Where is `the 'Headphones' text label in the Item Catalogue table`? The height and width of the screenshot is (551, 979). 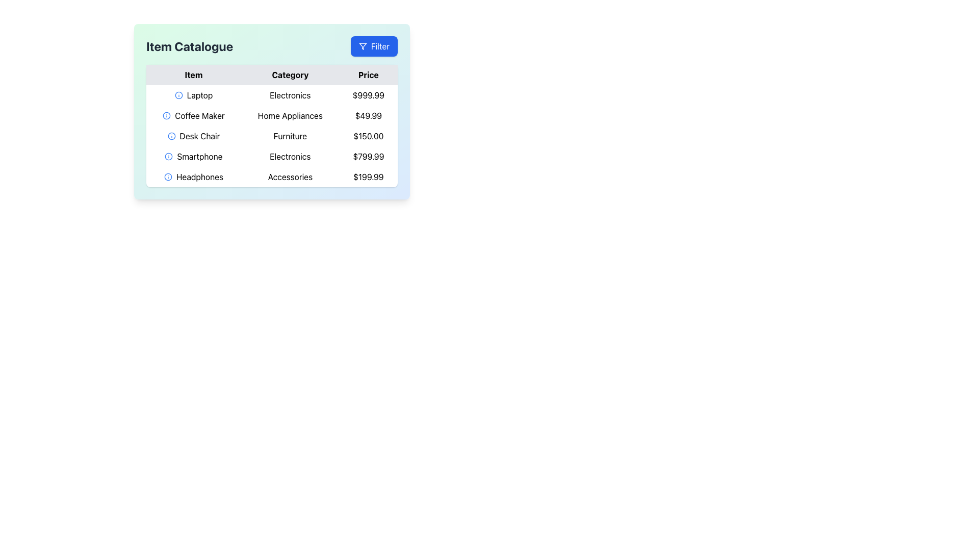
the 'Headphones' text label in the Item Catalogue table is located at coordinates (193, 177).